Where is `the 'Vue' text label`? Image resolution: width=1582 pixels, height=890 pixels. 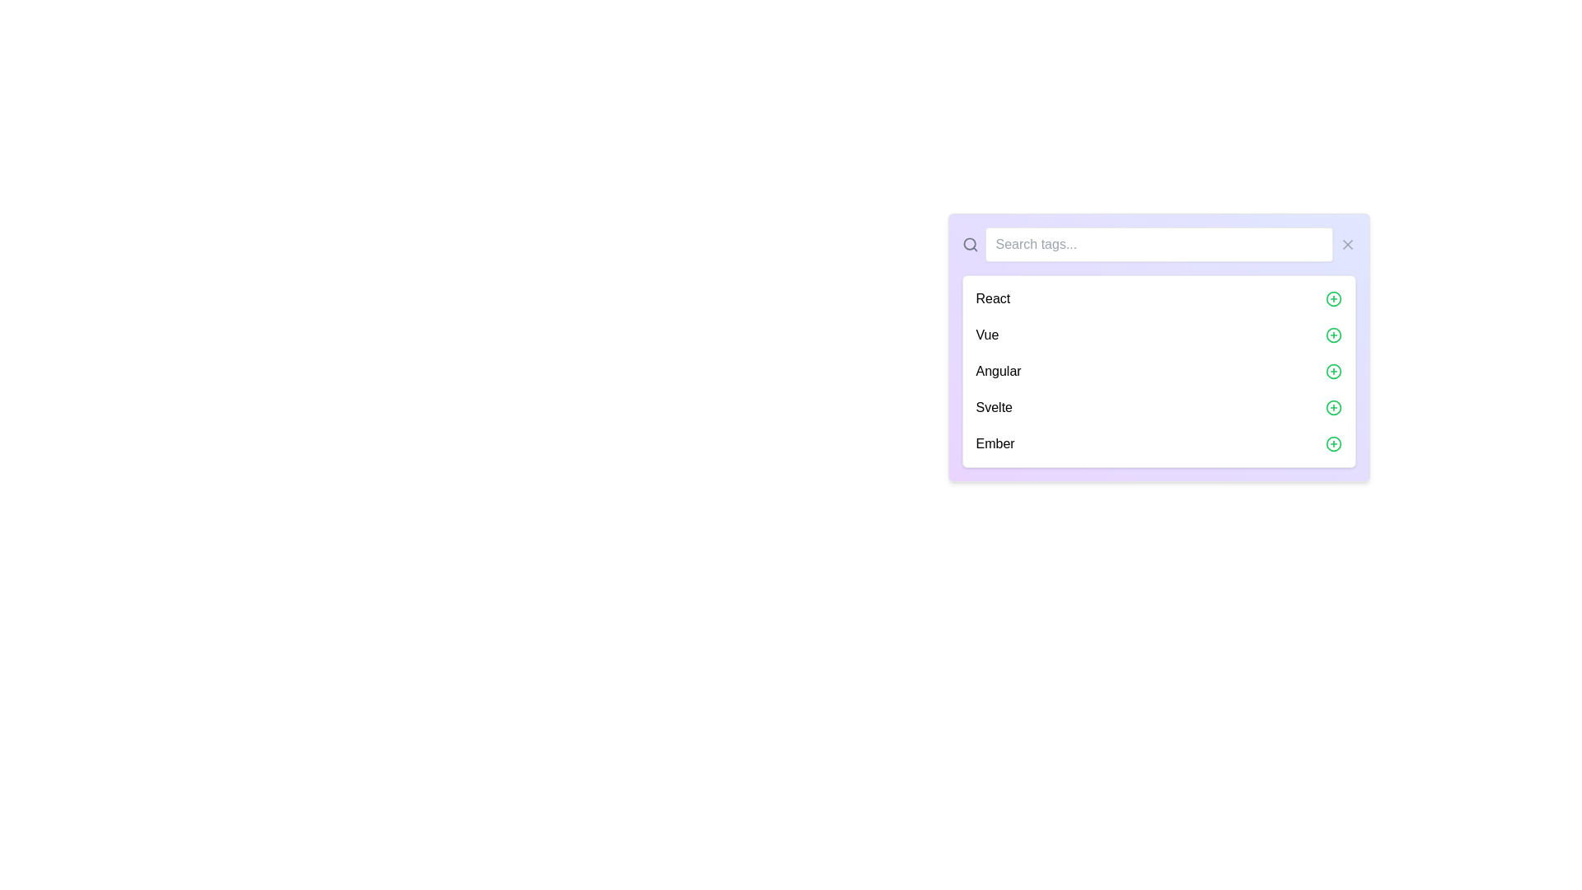 the 'Vue' text label is located at coordinates (987, 335).